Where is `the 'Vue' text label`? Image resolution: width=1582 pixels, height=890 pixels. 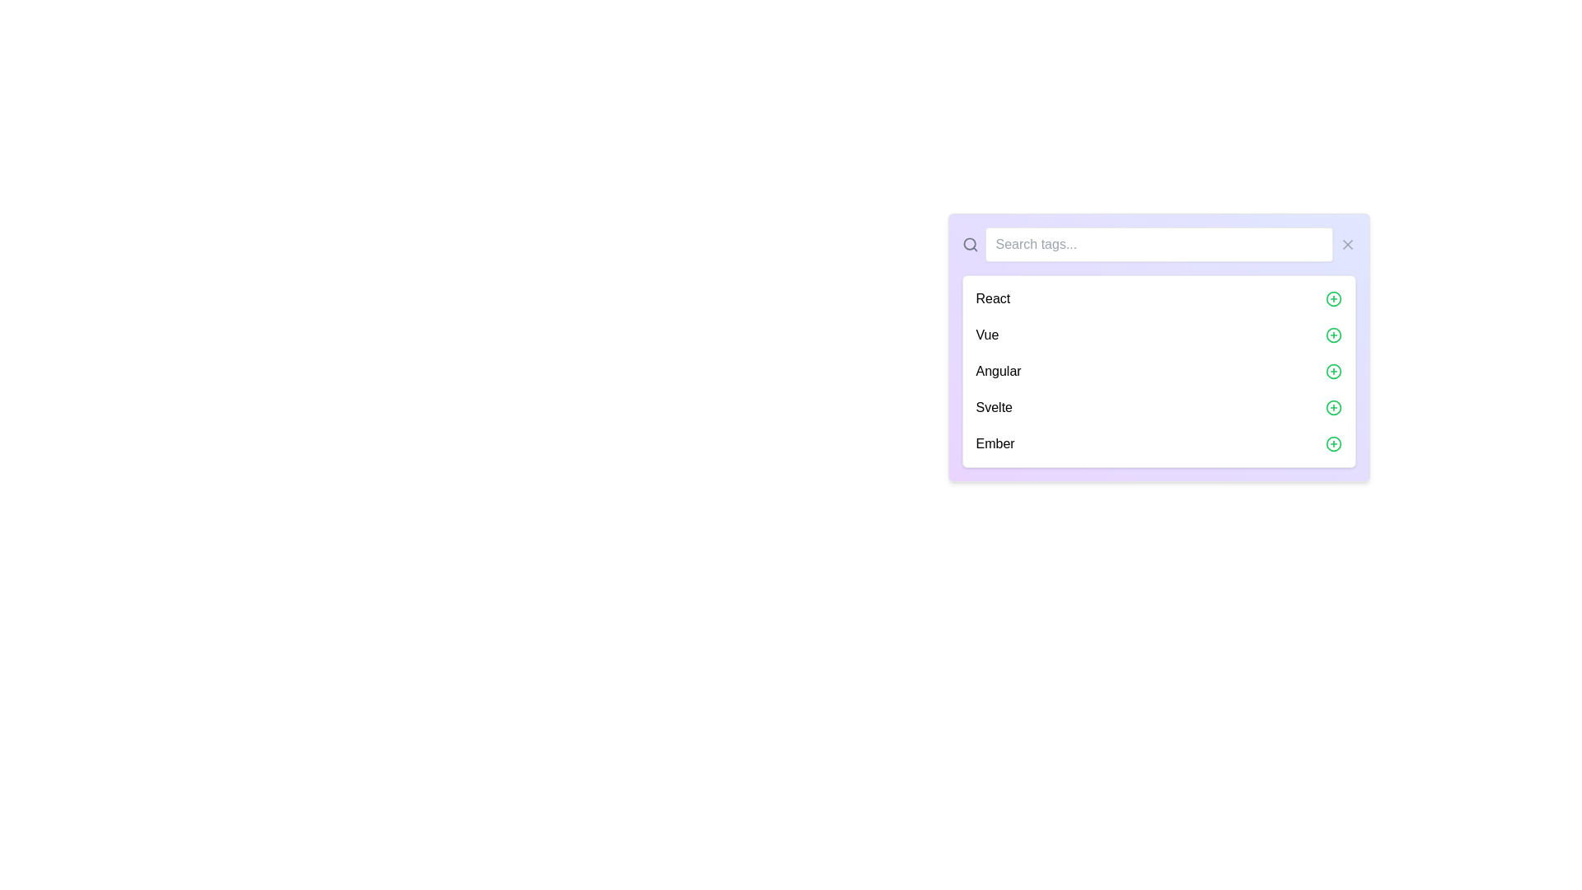 the 'Vue' text label is located at coordinates (987, 335).